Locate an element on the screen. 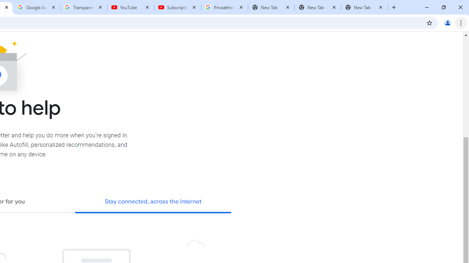 This screenshot has width=469, height=263. 'Subscriptions - YouTube' is located at coordinates (178, 7).